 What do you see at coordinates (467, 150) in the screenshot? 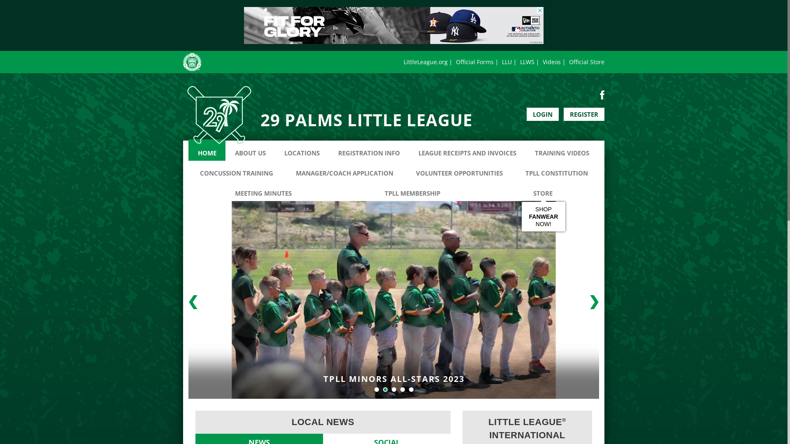
I see `'LEAGUE RECEIPTS AND INVOICES'` at bounding box center [467, 150].